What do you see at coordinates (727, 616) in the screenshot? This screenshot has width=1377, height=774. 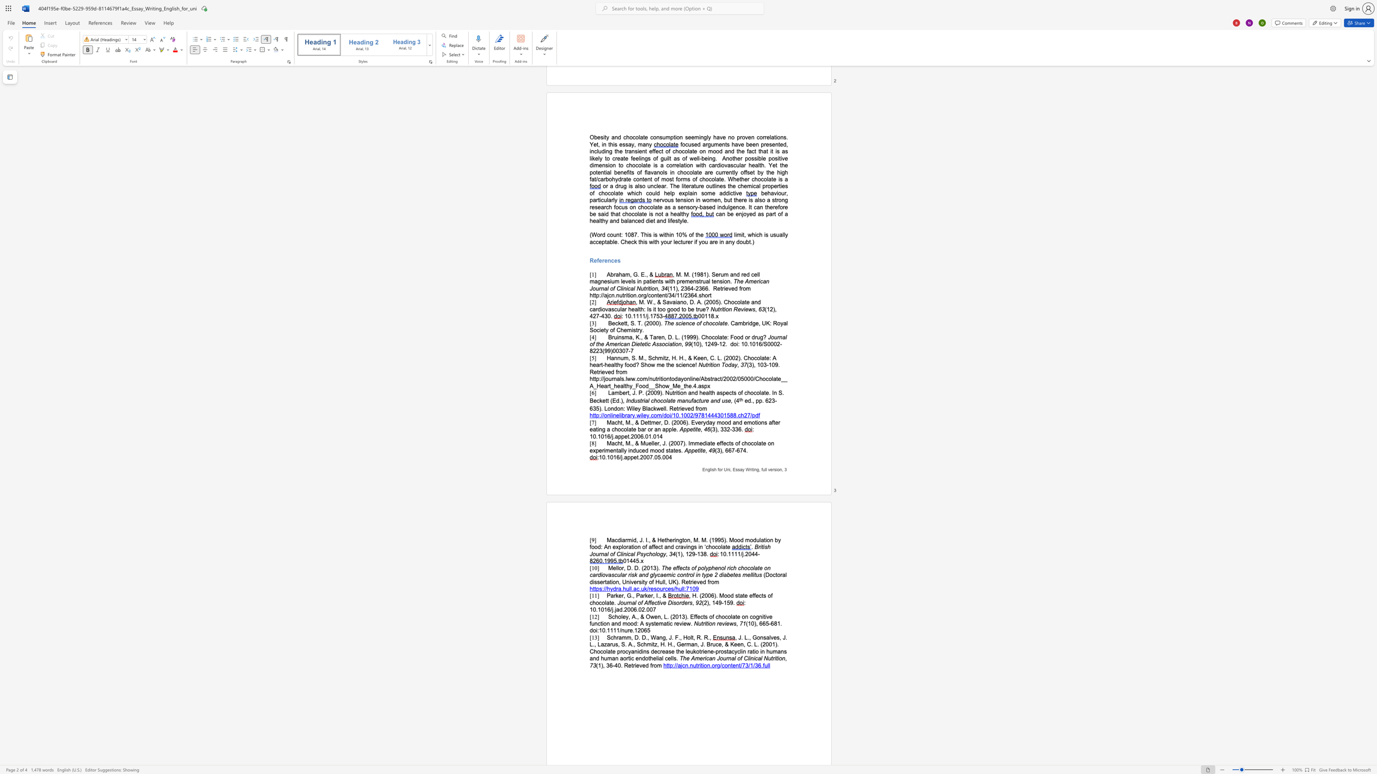 I see `the subset text "olate on cogniti" within the text "Scholey, A., & Owen, L. (2013). Effects of chocolate on cognitive function and mood: A systematic review."` at bounding box center [727, 616].